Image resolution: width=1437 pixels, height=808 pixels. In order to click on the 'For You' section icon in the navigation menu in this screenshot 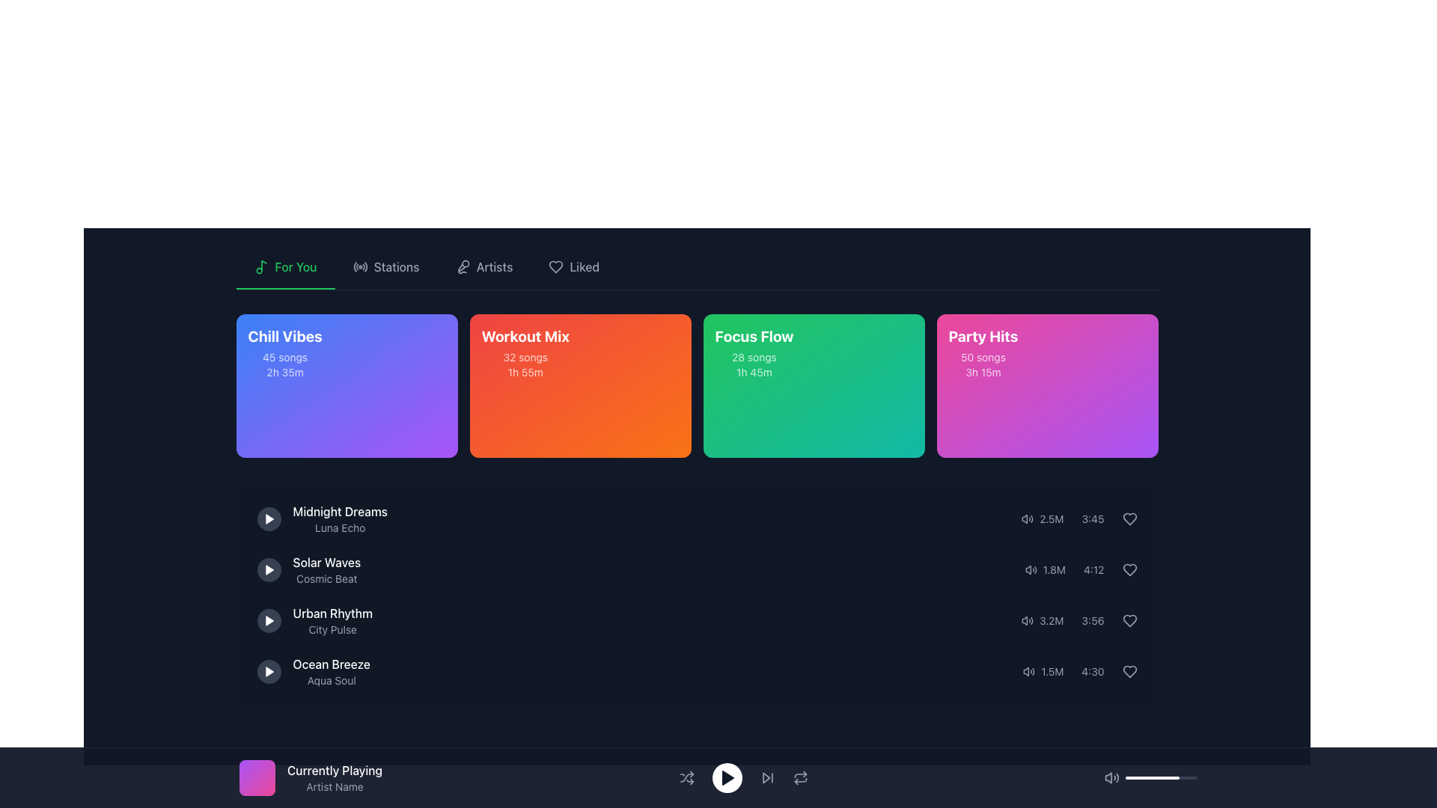, I will do `click(261, 266)`.